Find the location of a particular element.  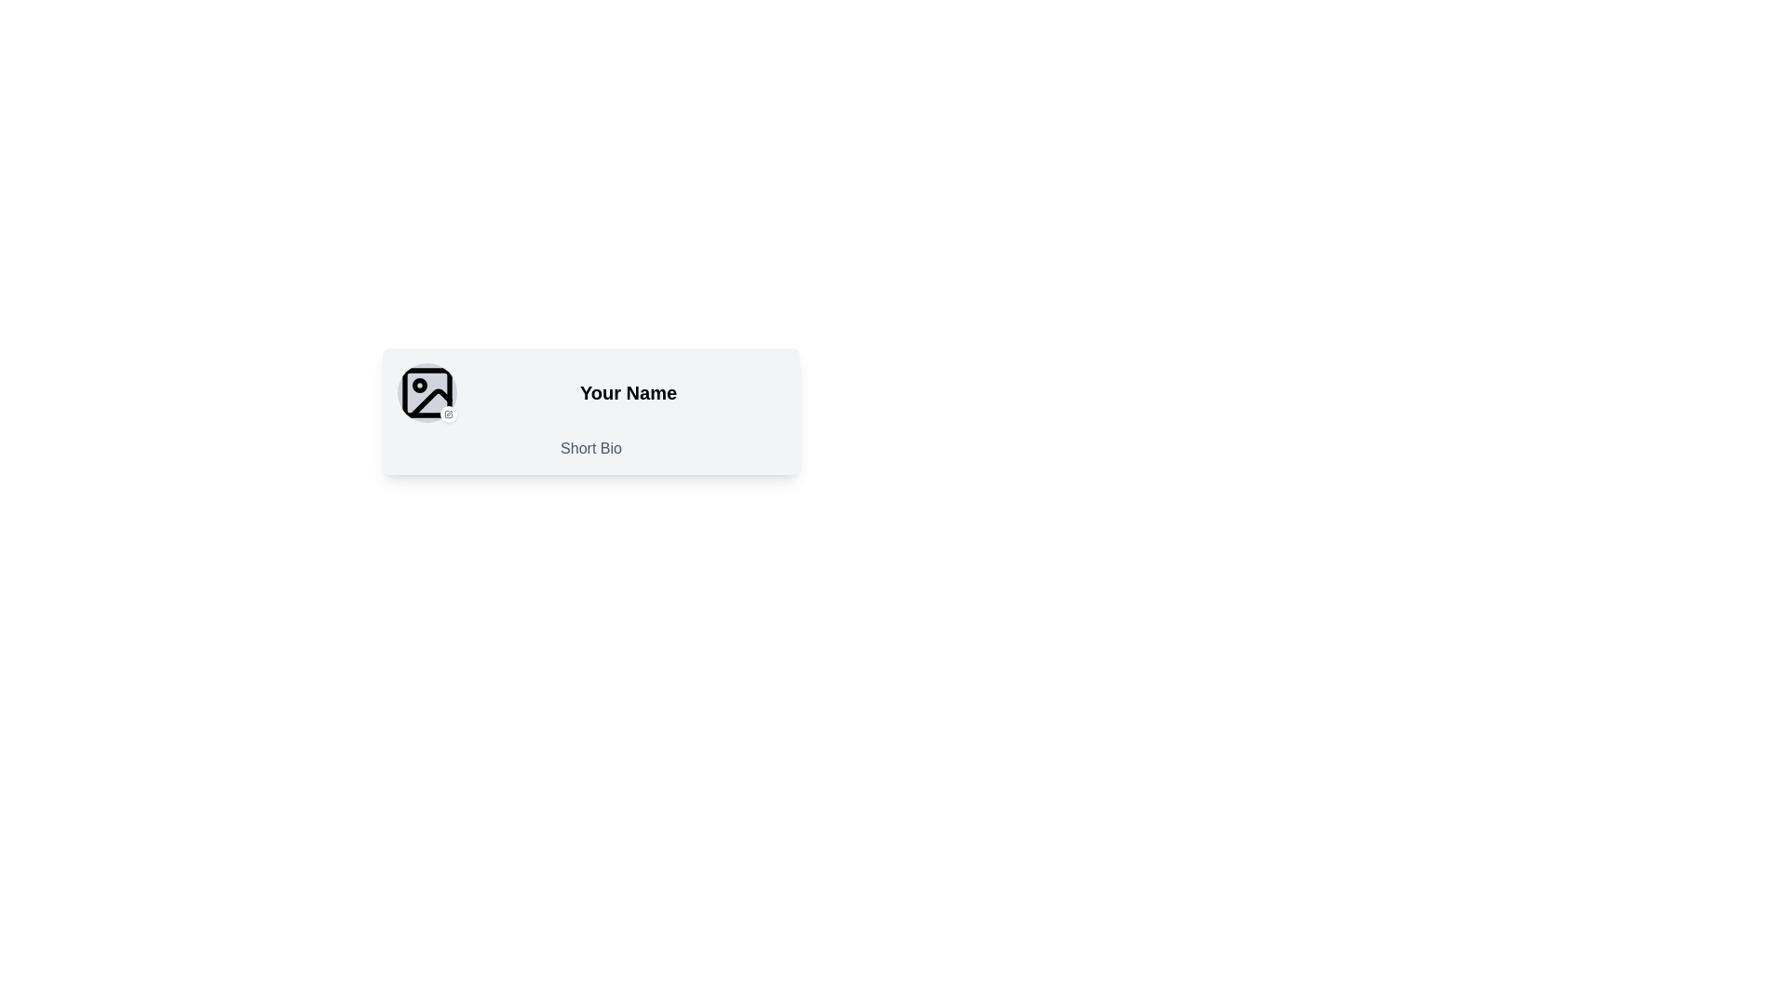

the small circular dot located within the photo icon, positioned at the top-left corner inside the square frame is located at coordinates (419, 384).